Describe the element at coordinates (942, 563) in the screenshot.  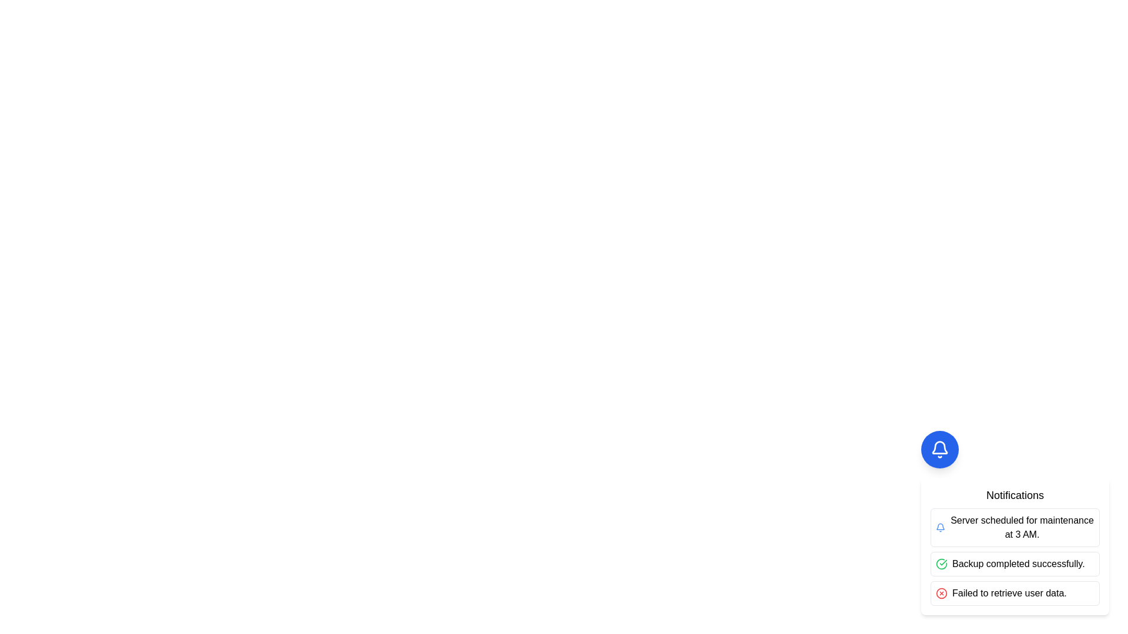
I see `the green checkmark icon that indicates a successful state for the notification 'Backup completed successfully.'` at that location.